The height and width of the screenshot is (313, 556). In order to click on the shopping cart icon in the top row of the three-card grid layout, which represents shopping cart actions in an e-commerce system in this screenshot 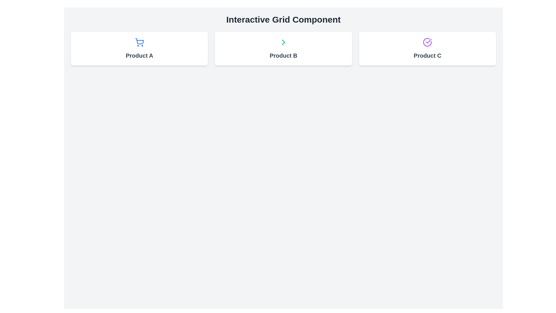, I will do `click(139, 41)`.